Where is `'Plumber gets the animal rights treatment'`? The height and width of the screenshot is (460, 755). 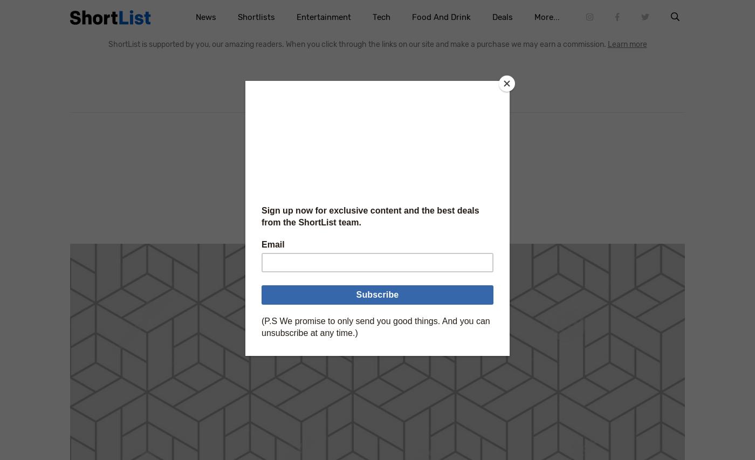 'Plumber gets the animal rights treatment' is located at coordinates (255, 189).